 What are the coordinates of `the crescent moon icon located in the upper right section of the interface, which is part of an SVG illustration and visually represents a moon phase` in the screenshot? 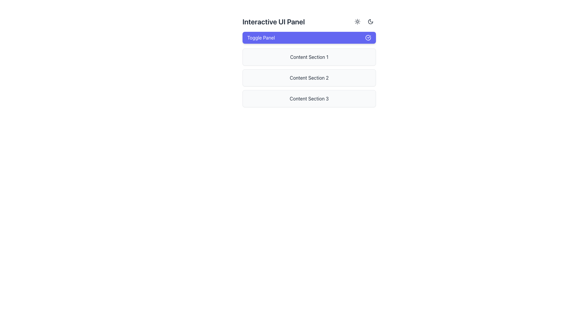 It's located at (370, 21).